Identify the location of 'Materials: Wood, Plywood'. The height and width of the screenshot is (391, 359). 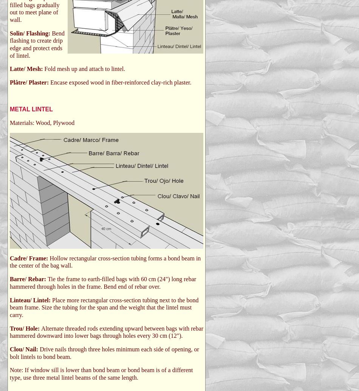
(42, 123).